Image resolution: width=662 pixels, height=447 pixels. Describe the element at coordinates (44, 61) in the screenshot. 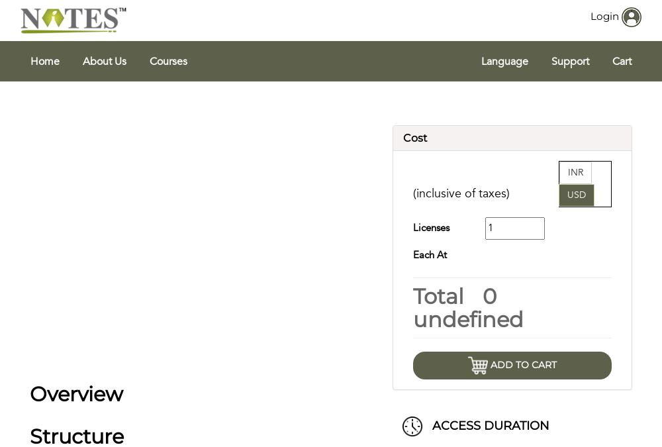

I see `'Home'` at that location.